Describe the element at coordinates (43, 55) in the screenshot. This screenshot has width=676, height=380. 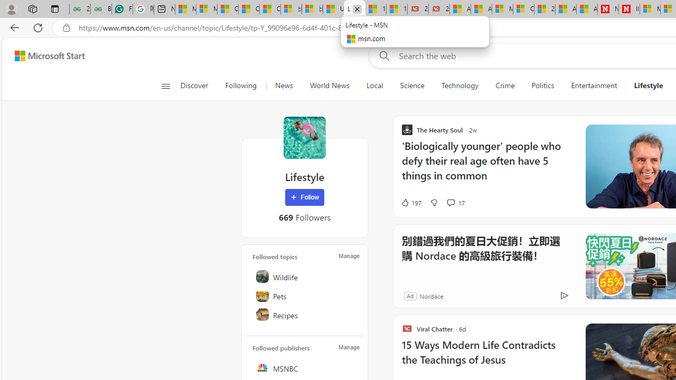
I see `'Skip to footer'` at that location.